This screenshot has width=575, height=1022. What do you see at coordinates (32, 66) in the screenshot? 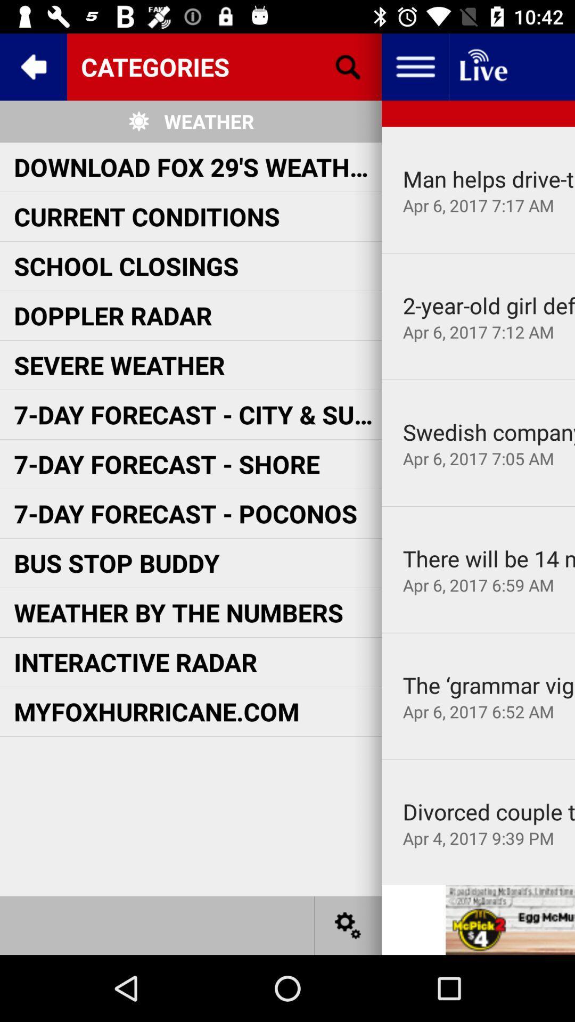
I see `the arrow_backward icon` at bounding box center [32, 66].